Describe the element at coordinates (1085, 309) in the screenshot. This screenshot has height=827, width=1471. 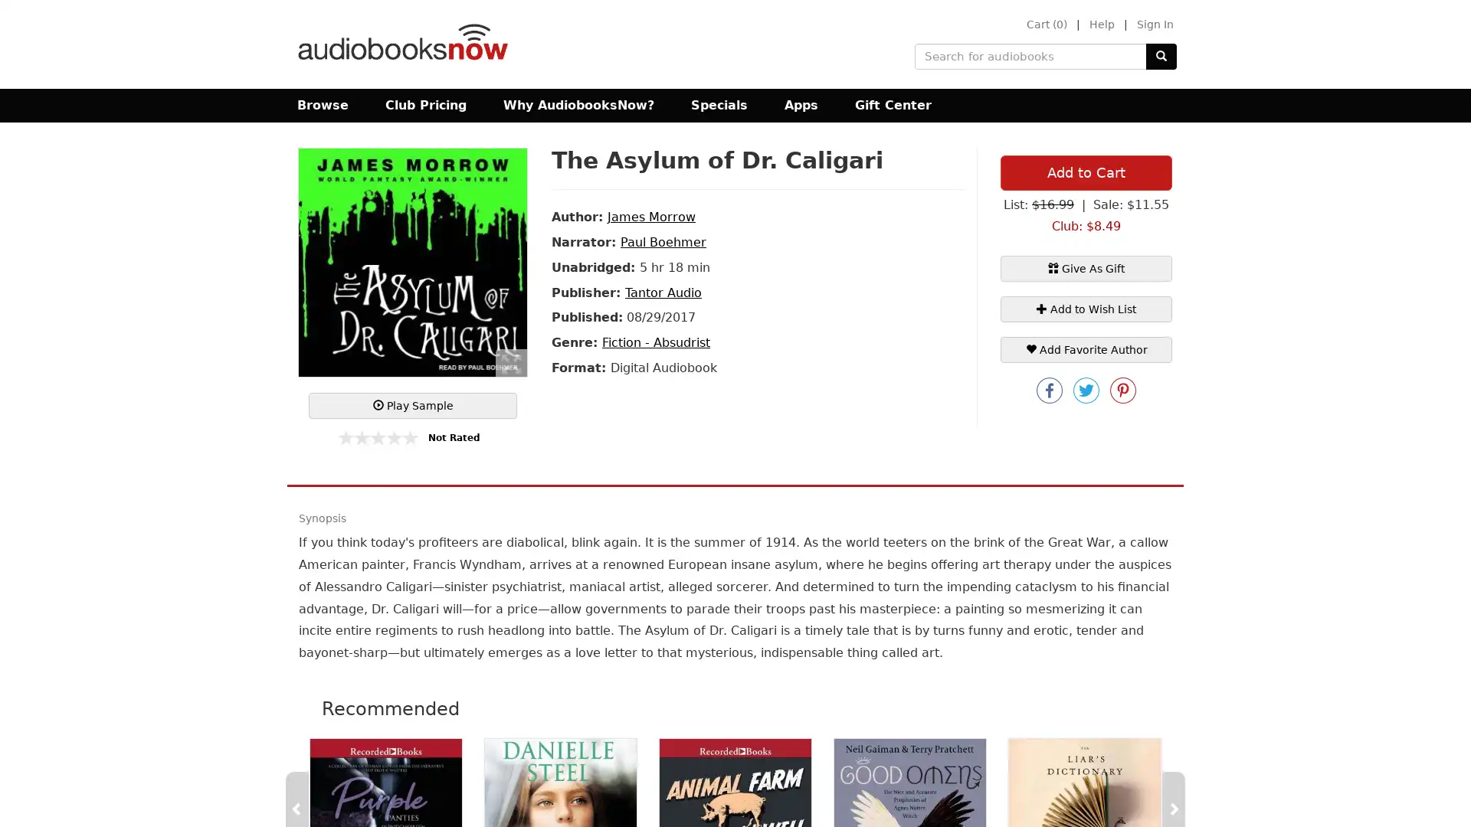
I see `+ Add to Wish List` at that location.